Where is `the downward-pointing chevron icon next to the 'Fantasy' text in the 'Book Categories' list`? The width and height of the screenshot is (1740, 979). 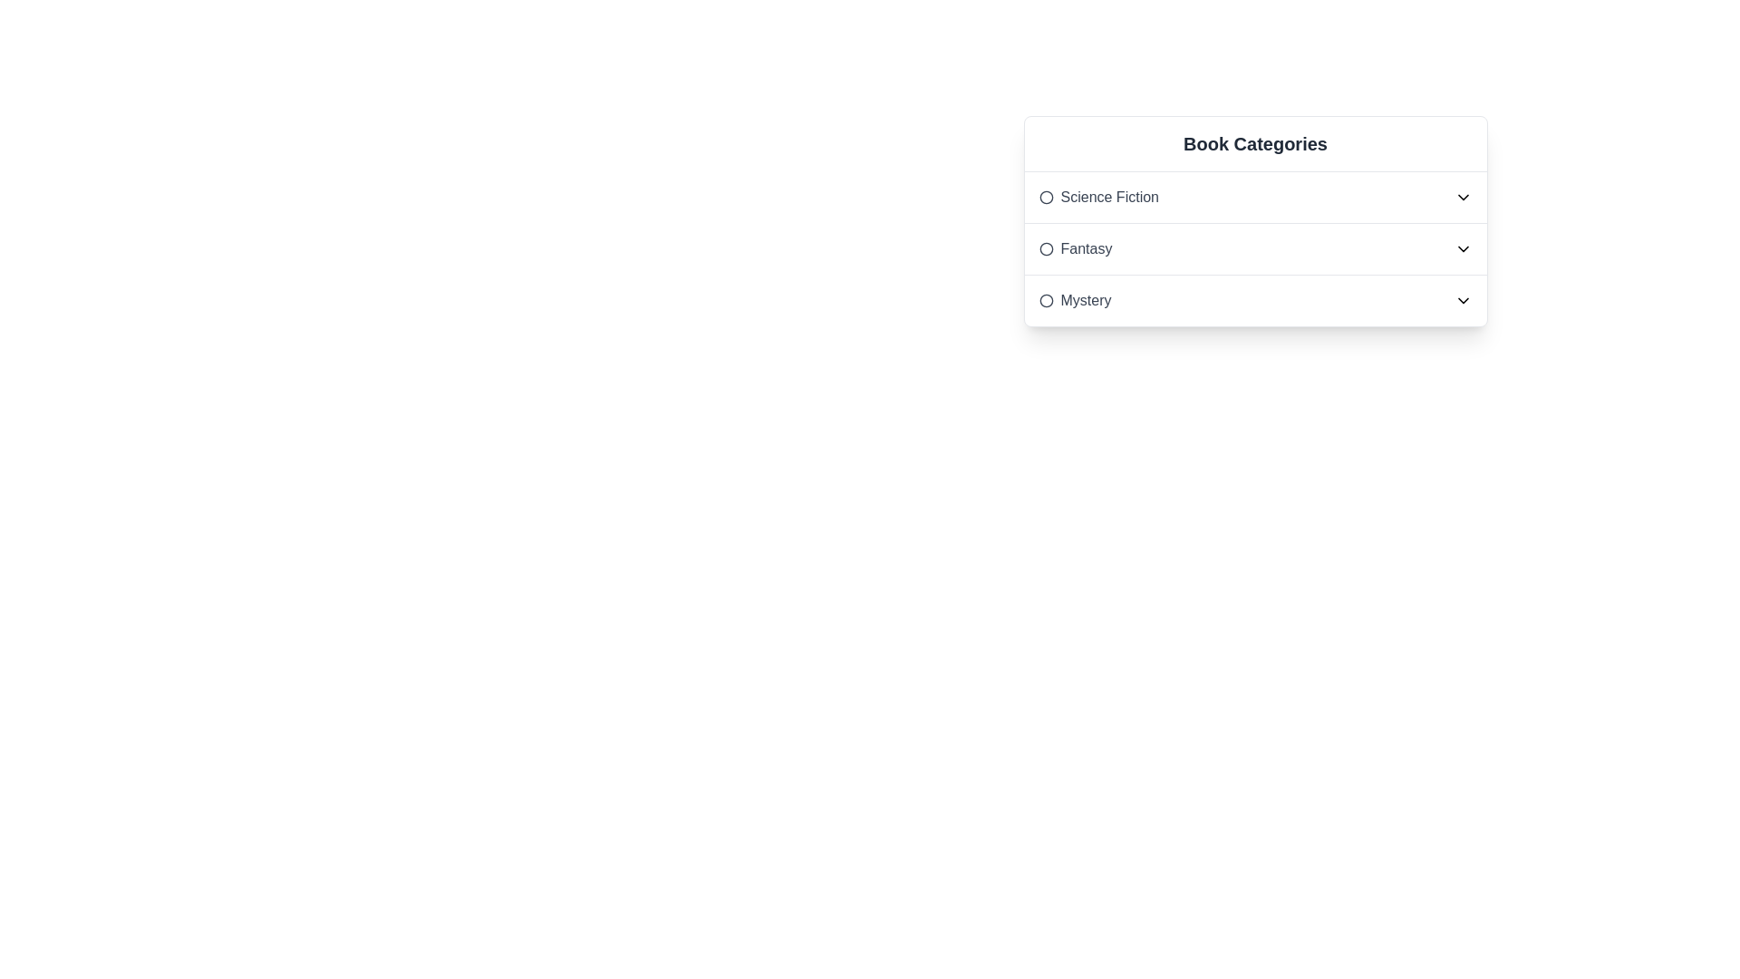 the downward-pointing chevron icon next to the 'Fantasy' text in the 'Book Categories' list is located at coordinates (1463, 248).